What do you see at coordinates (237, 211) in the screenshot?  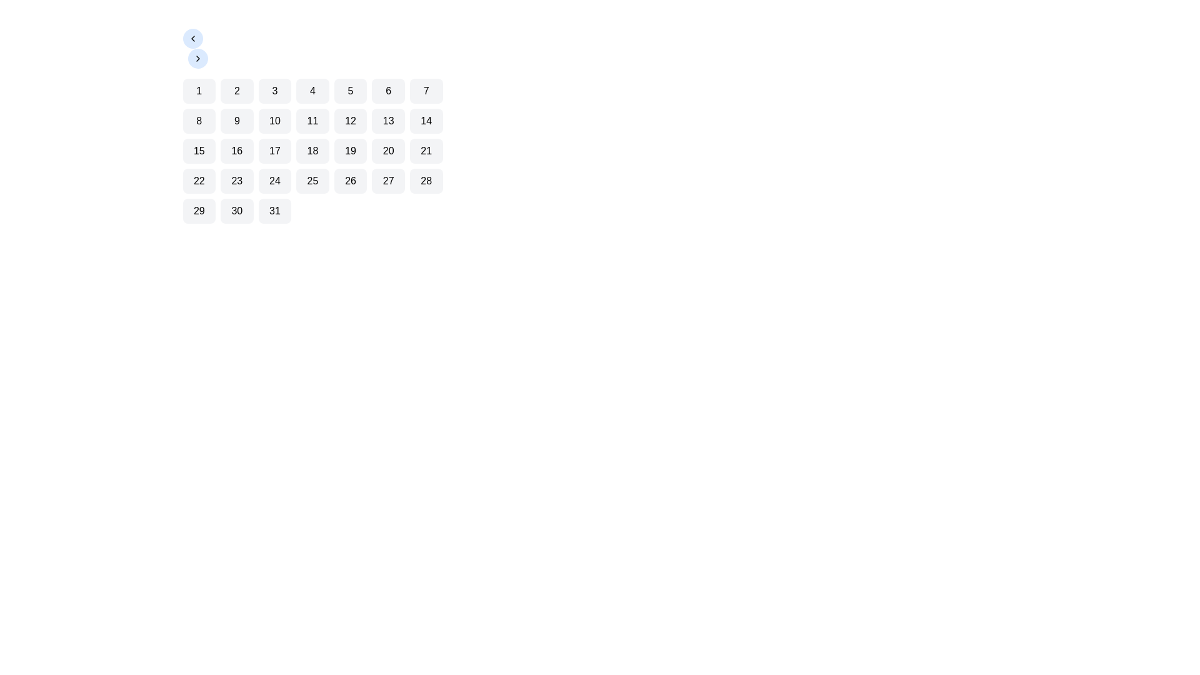 I see `the square button with rounded corners displaying the number '30'` at bounding box center [237, 211].